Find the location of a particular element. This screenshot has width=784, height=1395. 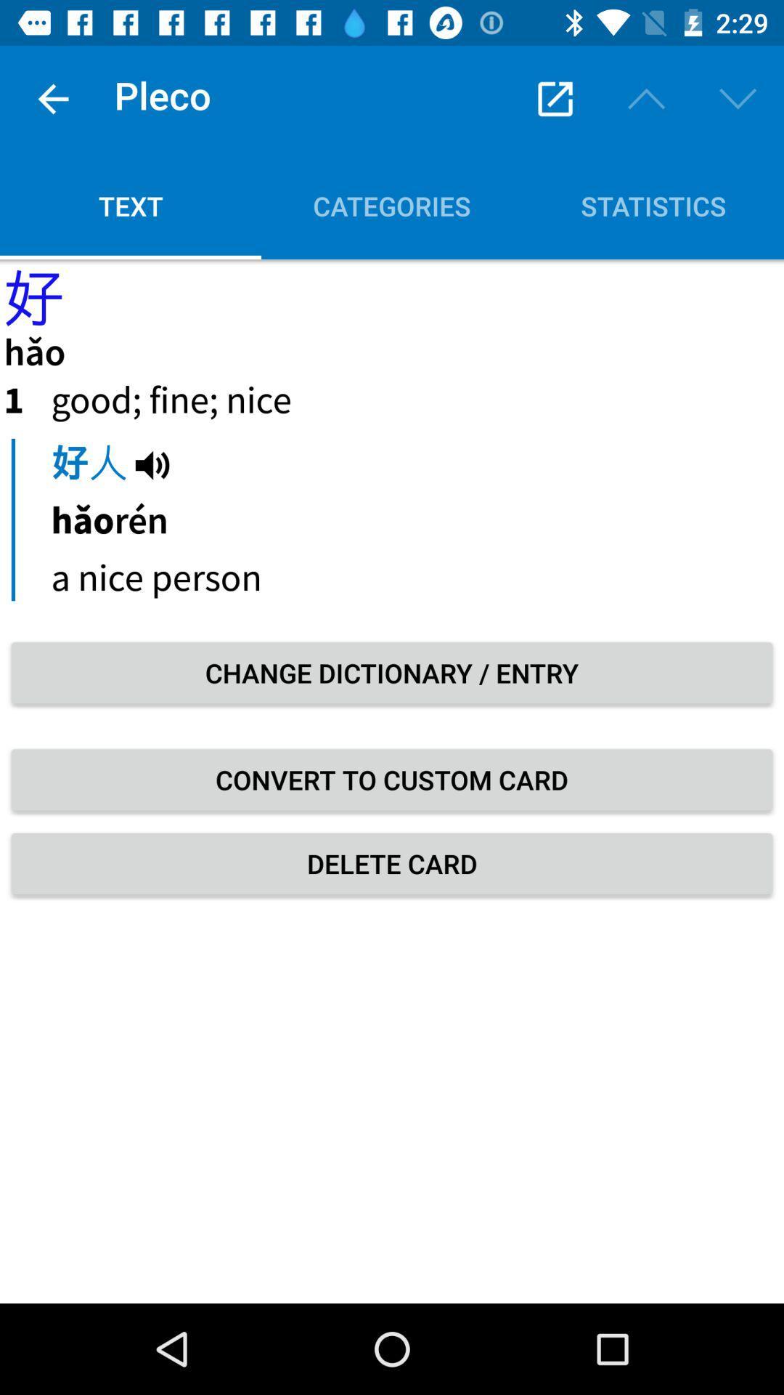

statistics is located at coordinates (652, 205).